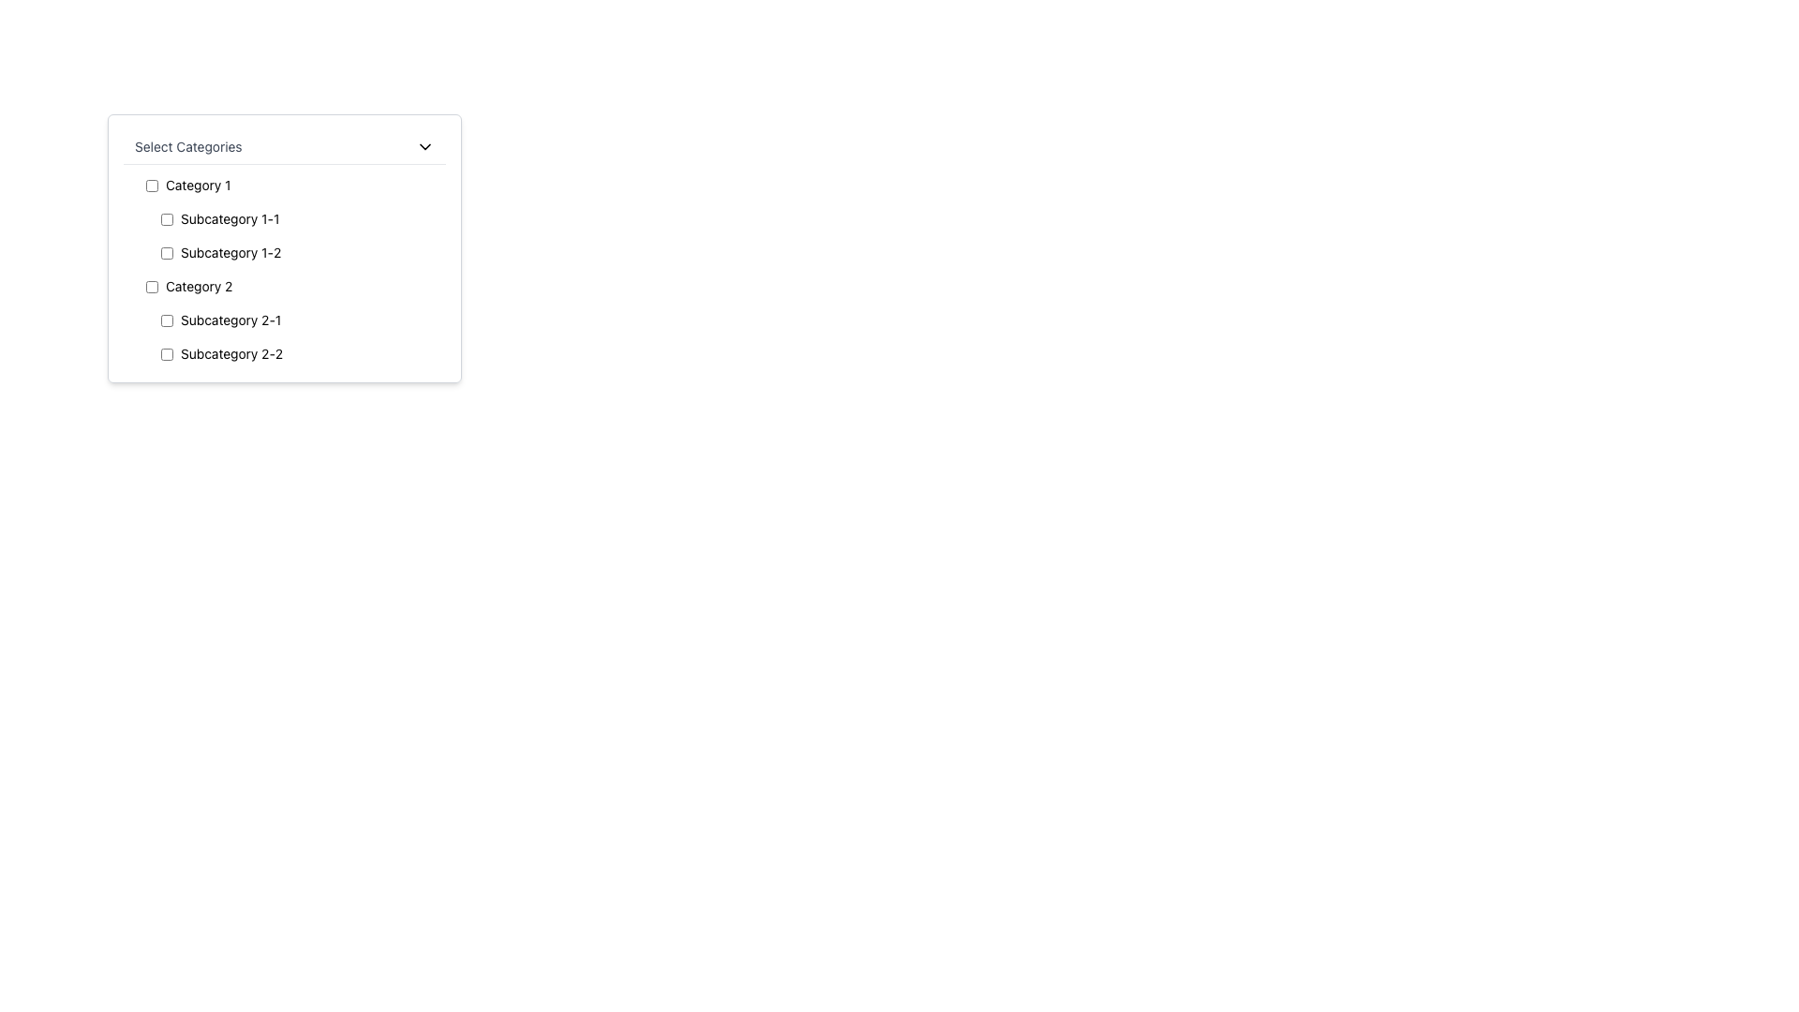 This screenshot has width=1799, height=1012. I want to click on the checkbox labeled 'Subcategory 1-1' in the group of labeled checkboxes under the 'Select Categories' dropdown, so click(291, 234).